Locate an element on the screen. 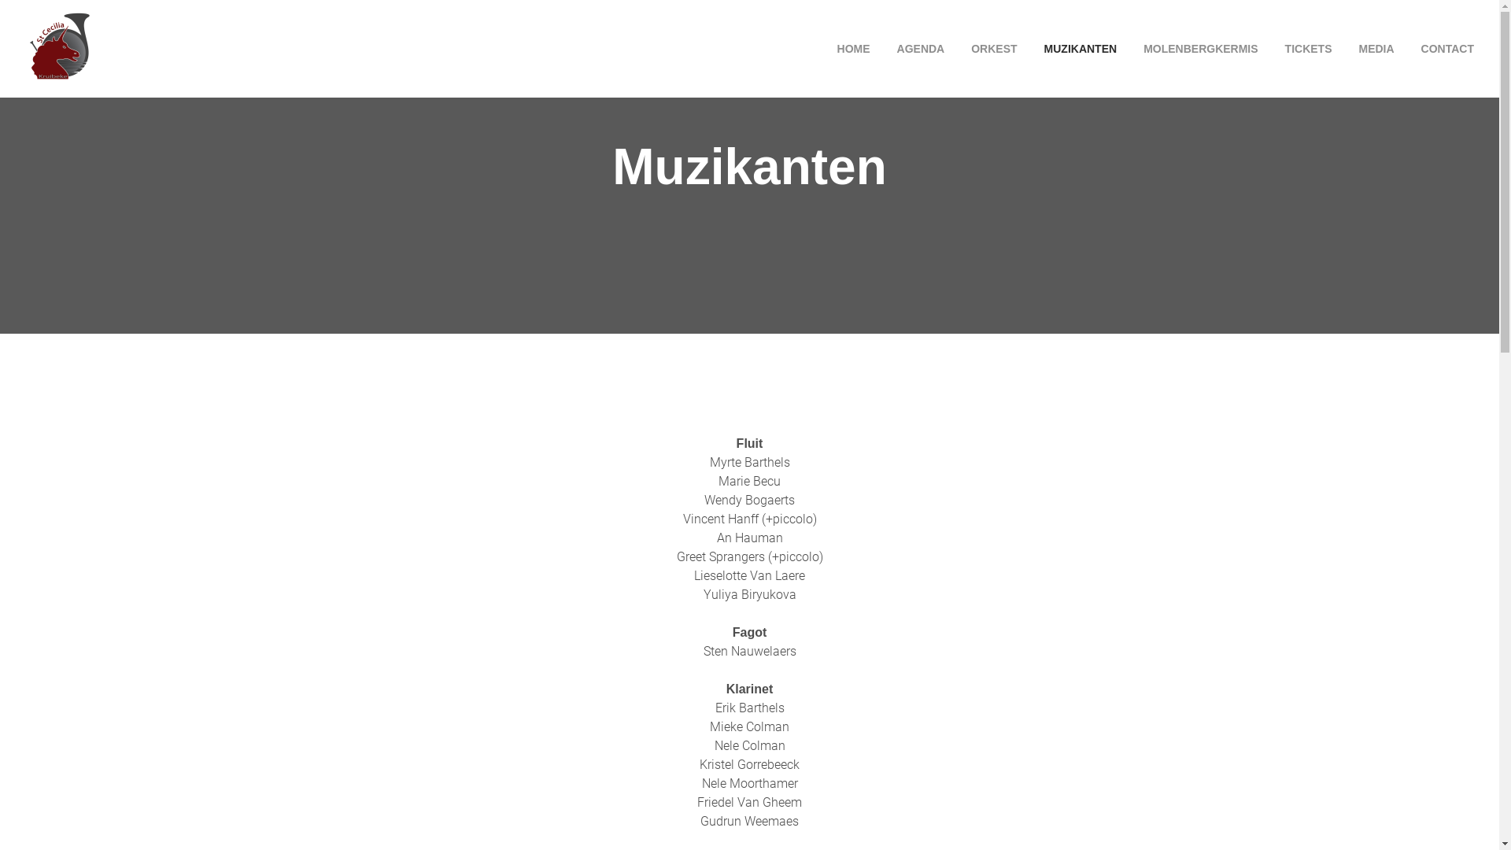 This screenshot has height=850, width=1511. 'MEDIA' is located at coordinates (1375, 47).